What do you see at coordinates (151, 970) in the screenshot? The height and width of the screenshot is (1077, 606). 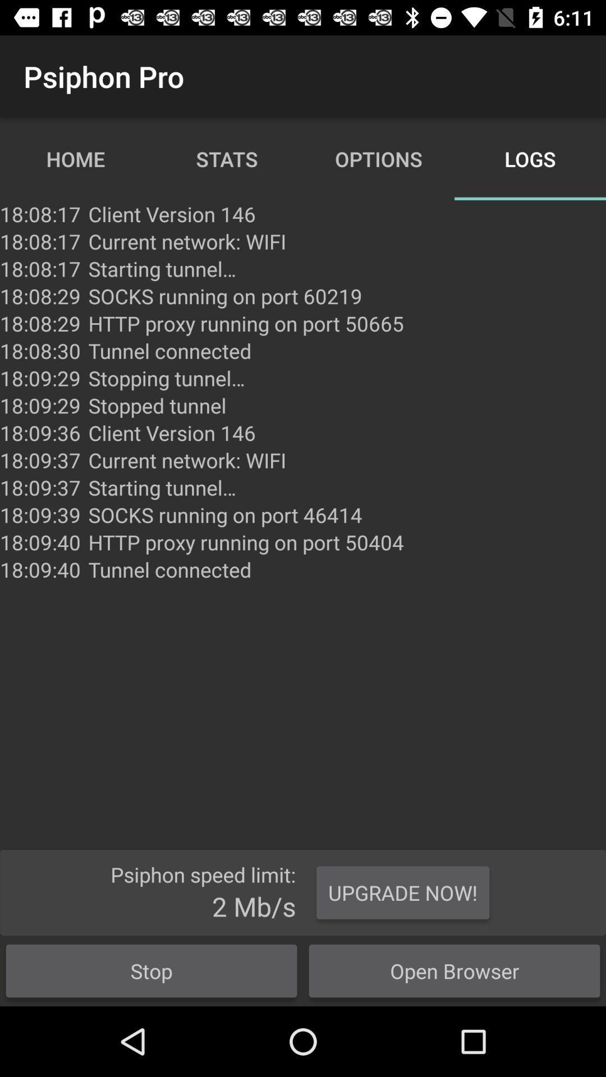 I see `the stop icon` at bounding box center [151, 970].